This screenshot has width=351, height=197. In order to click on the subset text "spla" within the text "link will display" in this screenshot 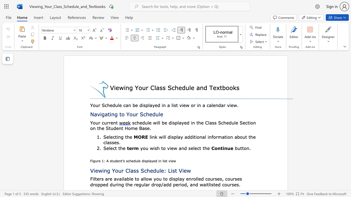, I will do `click(171, 137)`.